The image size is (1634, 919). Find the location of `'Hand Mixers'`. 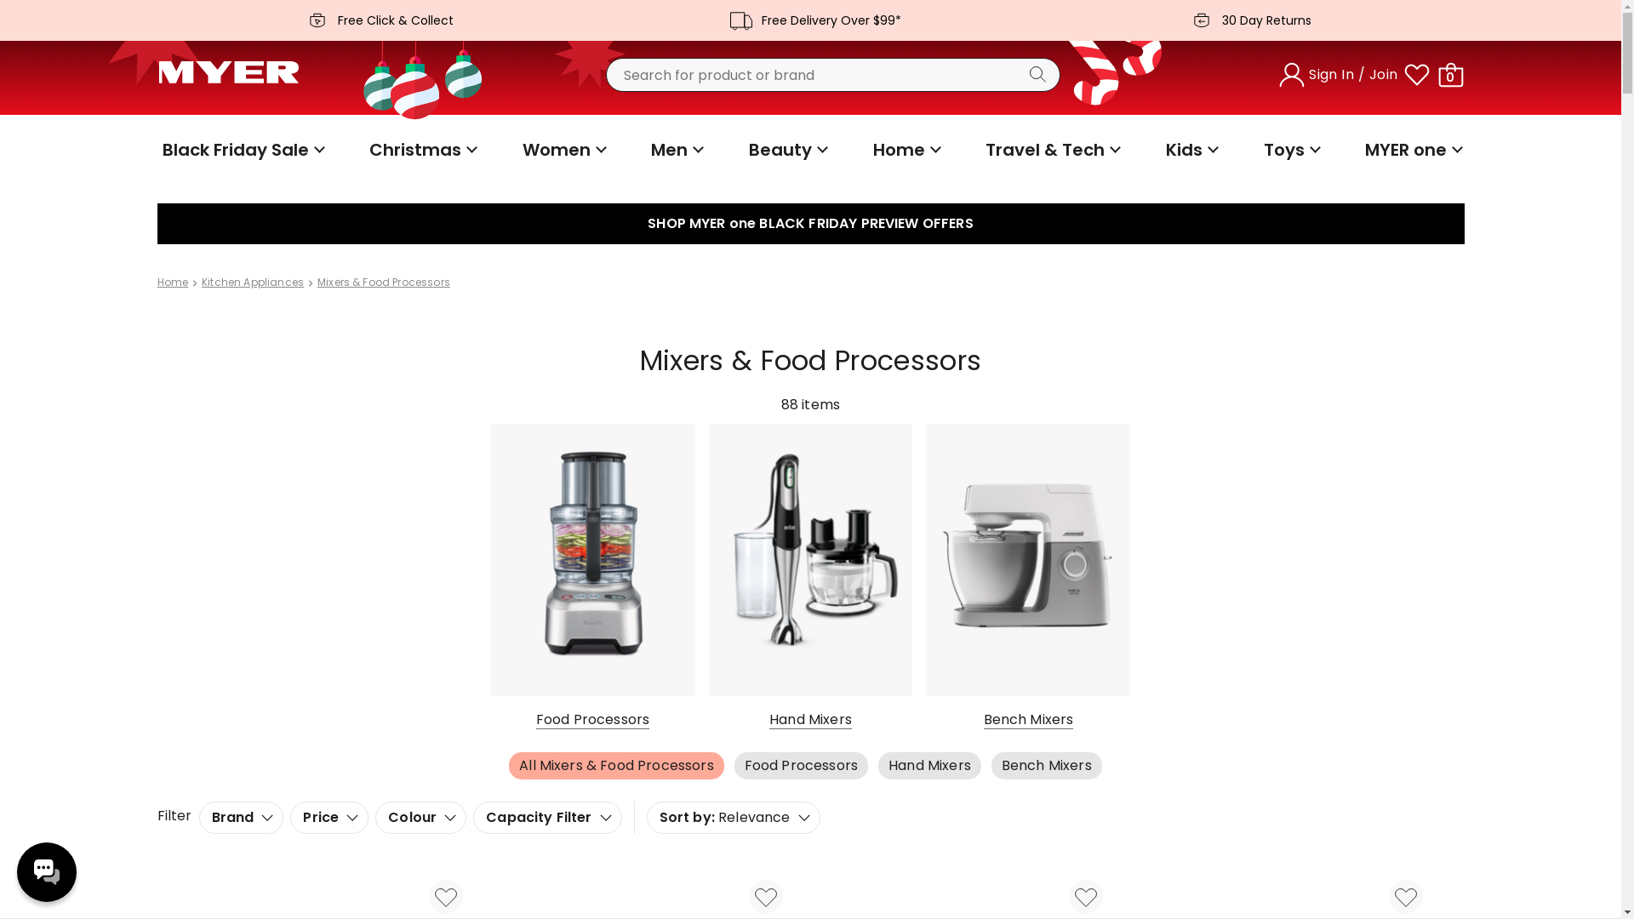

'Hand Mixers' is located at coordinates (808, 576).